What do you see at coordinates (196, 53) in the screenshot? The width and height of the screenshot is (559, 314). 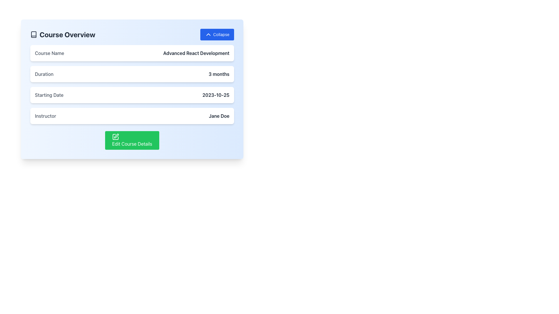 I see `the text displaying the course name, which is located on the right side of the 'Course Name' row, adjacent to the label 'Course Name'` at bounding box center [196, 53].